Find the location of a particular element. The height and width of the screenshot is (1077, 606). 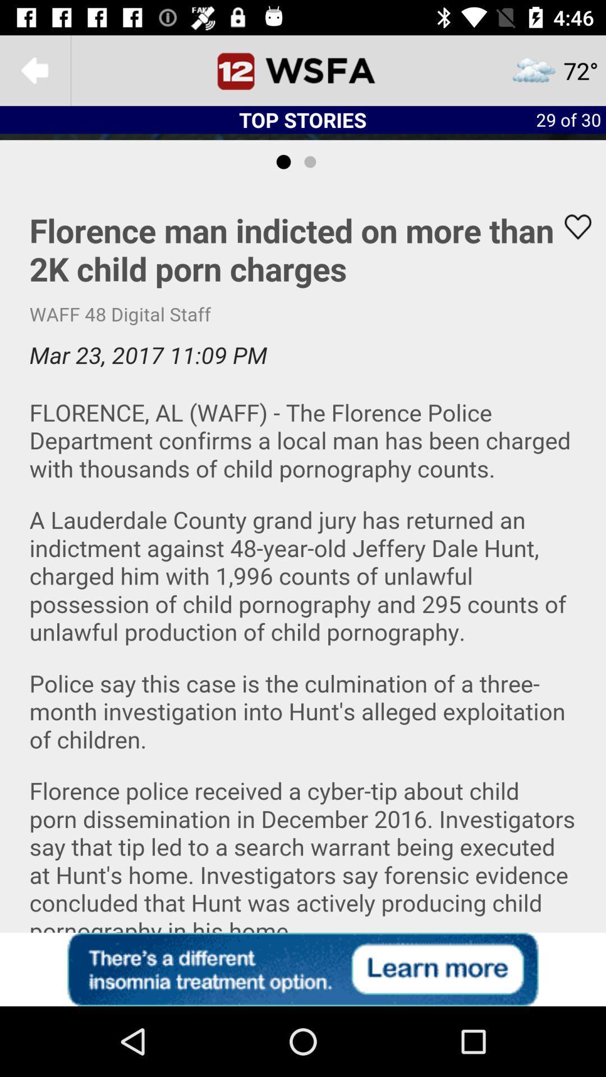

the star icon is located at coordinates (554, 70).